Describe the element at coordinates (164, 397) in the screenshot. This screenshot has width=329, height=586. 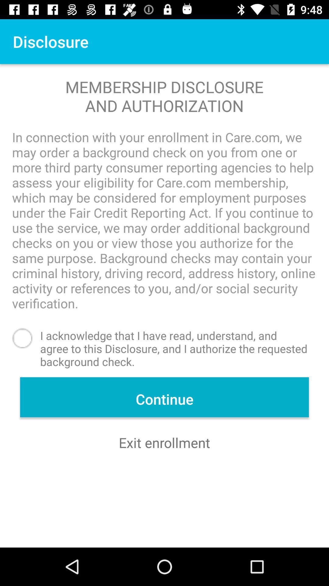
I see `the item below i acknowledge that` at that location.